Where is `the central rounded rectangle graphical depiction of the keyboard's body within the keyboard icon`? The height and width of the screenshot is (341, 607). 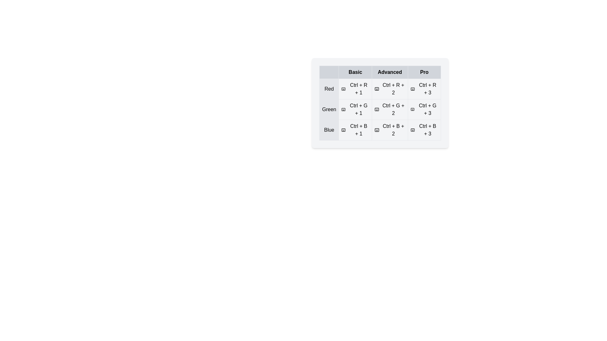 the central rounded rectangle graphical depiction of the keyboard's body within the keyboard icon is located at coordinates (343, 89).